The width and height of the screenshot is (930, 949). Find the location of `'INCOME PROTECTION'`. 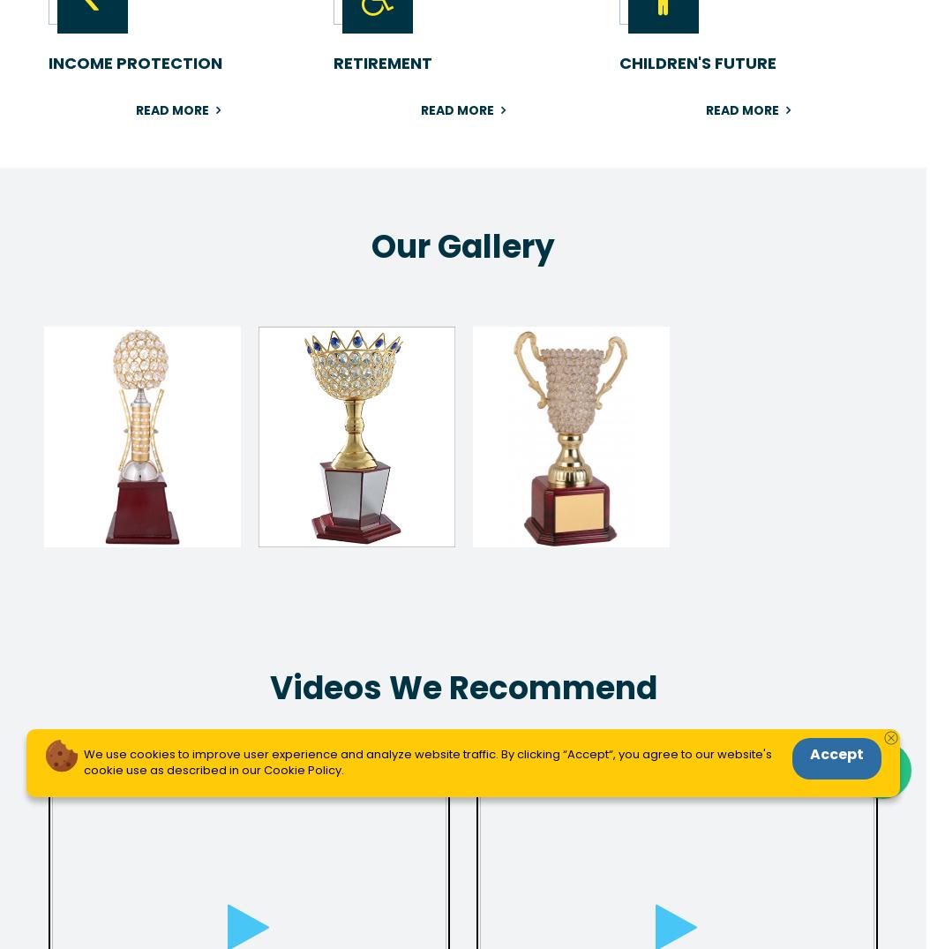

'INCOME PROTECTION' is located at coordinates (48, 63).